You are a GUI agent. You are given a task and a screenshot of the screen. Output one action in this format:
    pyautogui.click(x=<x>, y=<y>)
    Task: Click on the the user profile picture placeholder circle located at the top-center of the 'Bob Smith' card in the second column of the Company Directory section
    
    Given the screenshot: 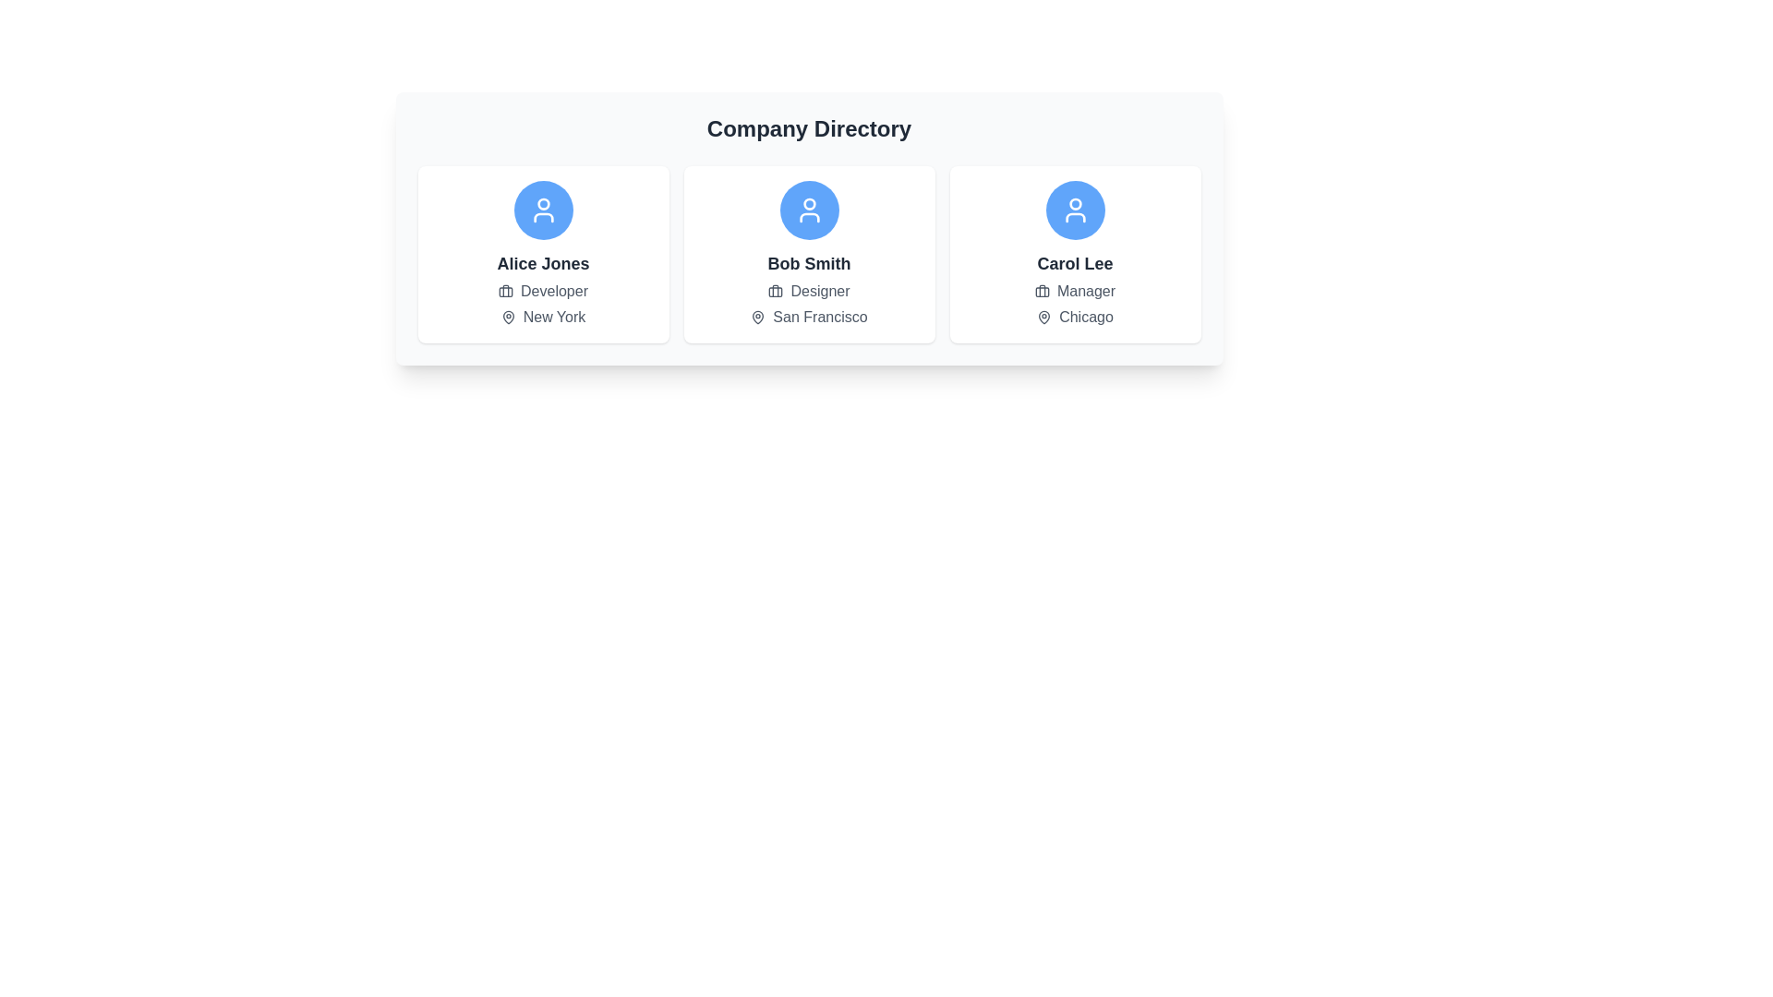 What is the action you would take?
    pyautogui.click(x=809, y=204)
    